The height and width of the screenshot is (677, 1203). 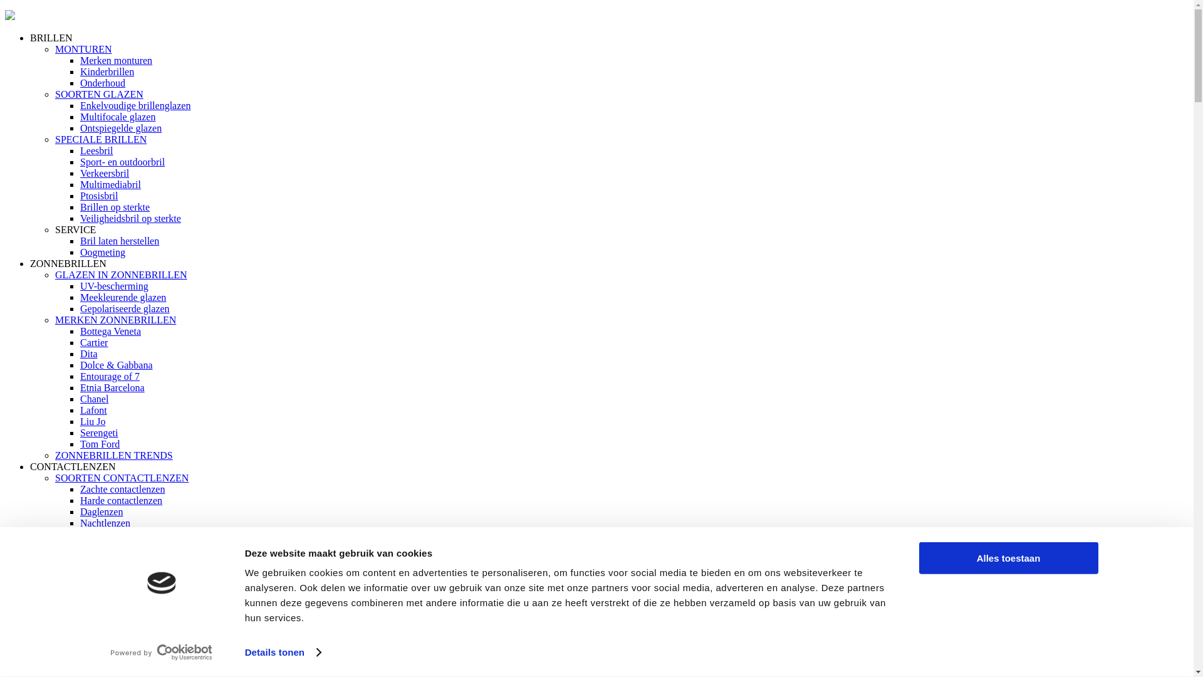 What do you see at coordinates (88, 354) in the screenshot?
I see `'Dita'` at bounding box center [88, 354].